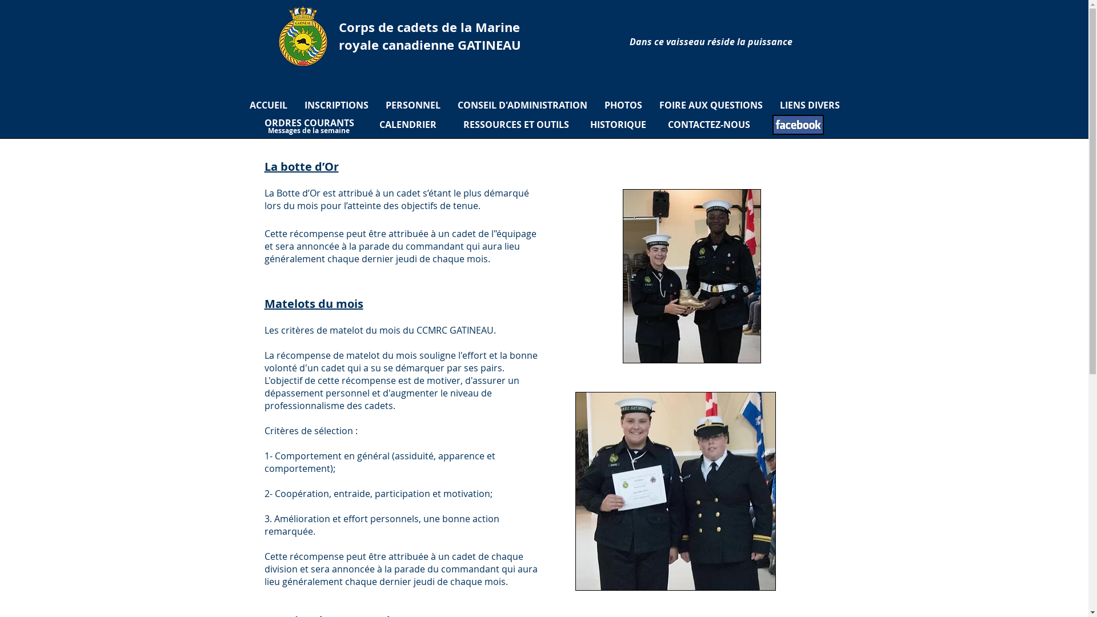 This screenshot has height=617, width=1097. Describe the element at coordinates (268, 105) in the screenshot. I see `'ACCUEIL'` at that location.